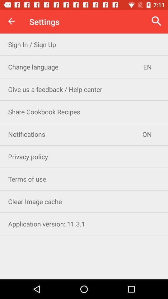 The height and width of the screenshot is (299, 168). What do you see at coordinates (84, 44) in the screenshot?
I see `the sign in sign` at bounding box center [84, 44].